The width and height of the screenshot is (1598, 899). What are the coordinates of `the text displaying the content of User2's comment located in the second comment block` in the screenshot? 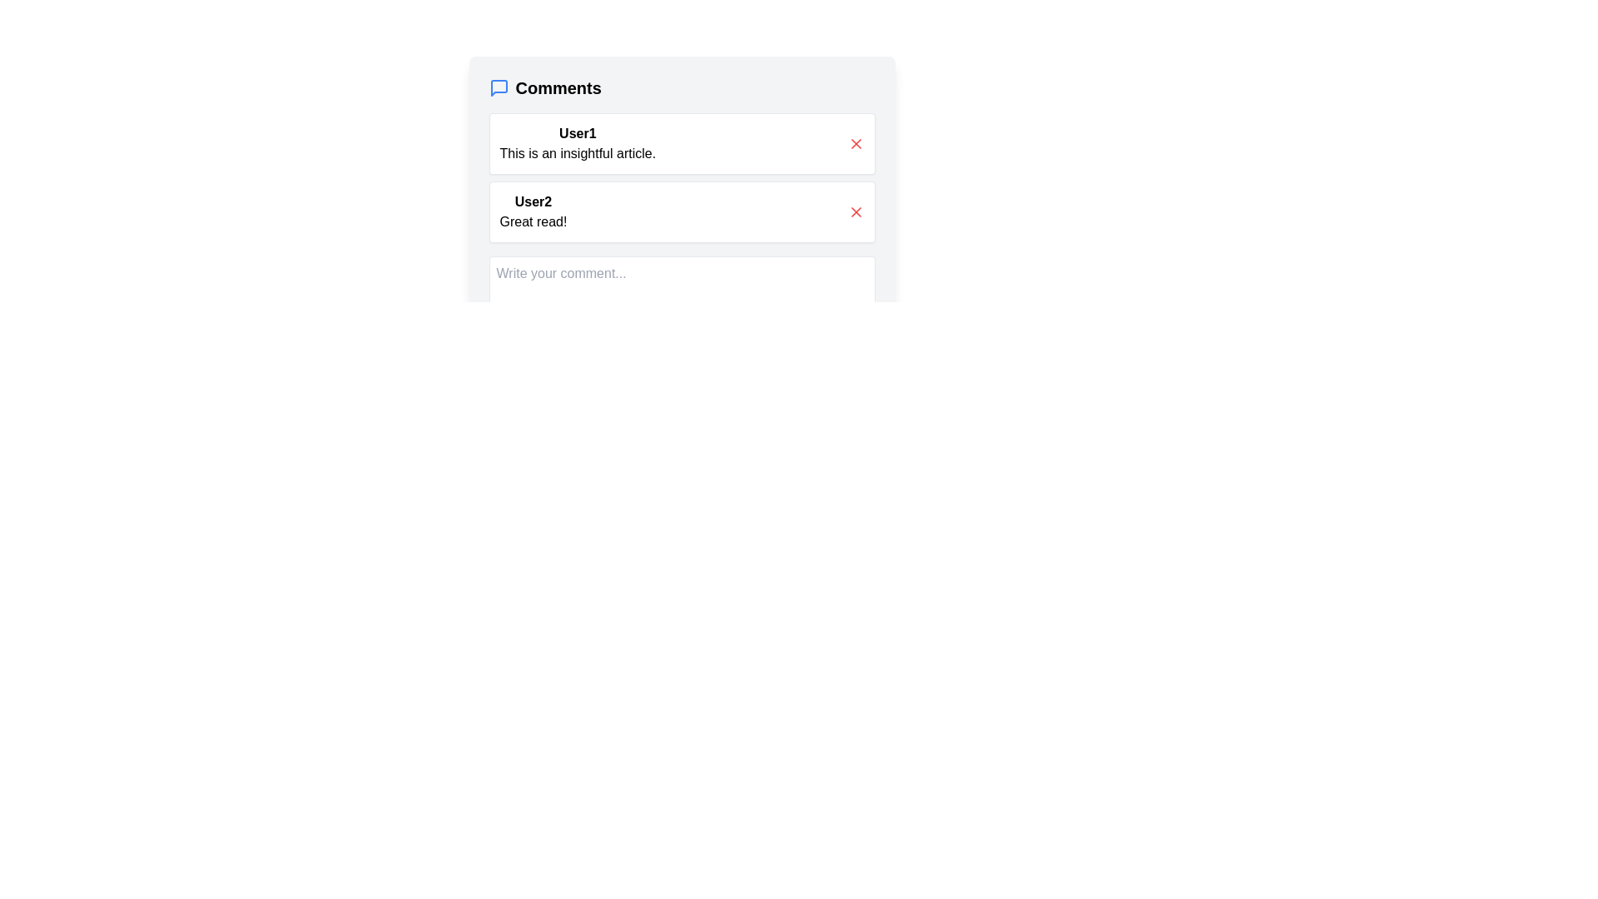 It's located at (533, 221).